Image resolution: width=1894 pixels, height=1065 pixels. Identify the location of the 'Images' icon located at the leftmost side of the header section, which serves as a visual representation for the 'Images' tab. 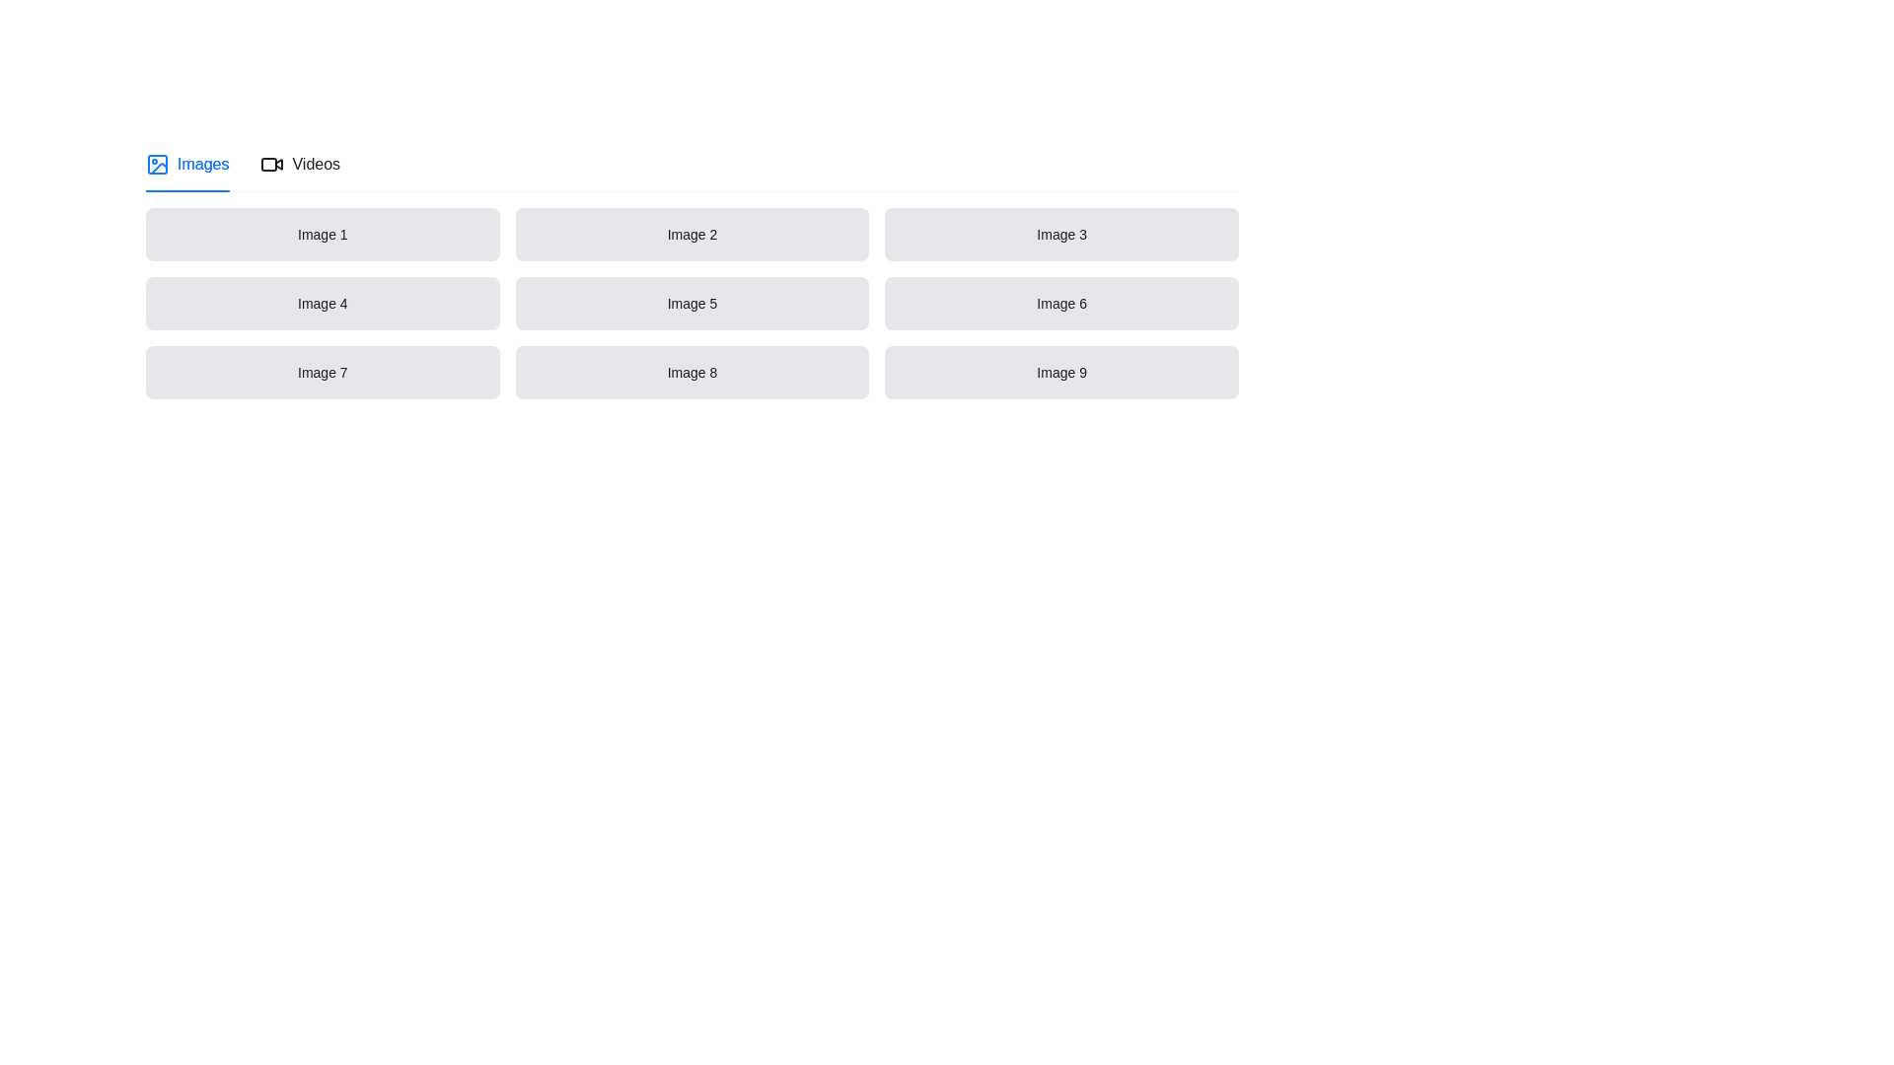
(156, 162).